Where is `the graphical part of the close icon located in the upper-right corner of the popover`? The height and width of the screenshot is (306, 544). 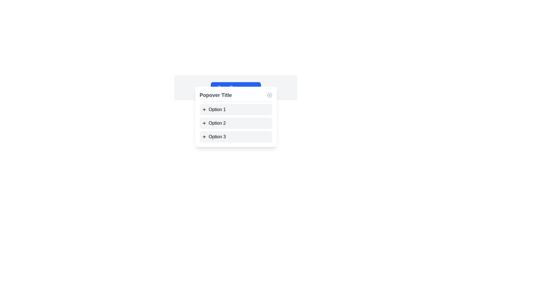 the graphical part of the close icon located in the upper-right corner of the popover is located at coordinates (269, 95).